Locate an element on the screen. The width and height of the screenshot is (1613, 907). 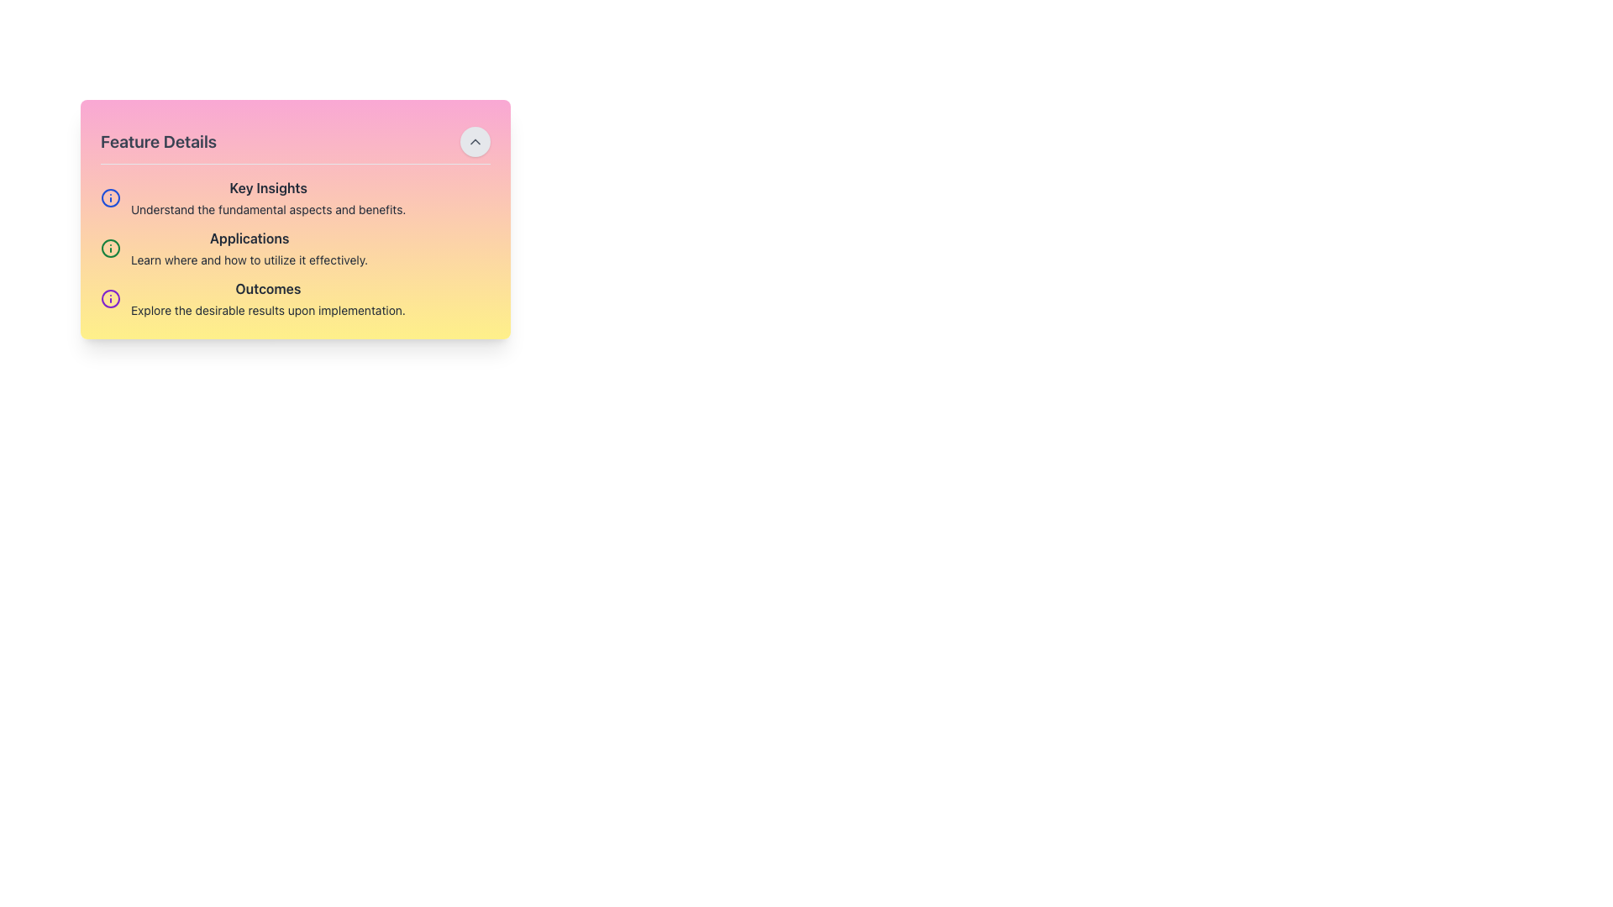
the circular information icon with a purple outline and an exclamation mark, located in the leftmost section of the 'Outcomes' row, preceding the 'Outcomes' title text is located at coordinates (110, 297).